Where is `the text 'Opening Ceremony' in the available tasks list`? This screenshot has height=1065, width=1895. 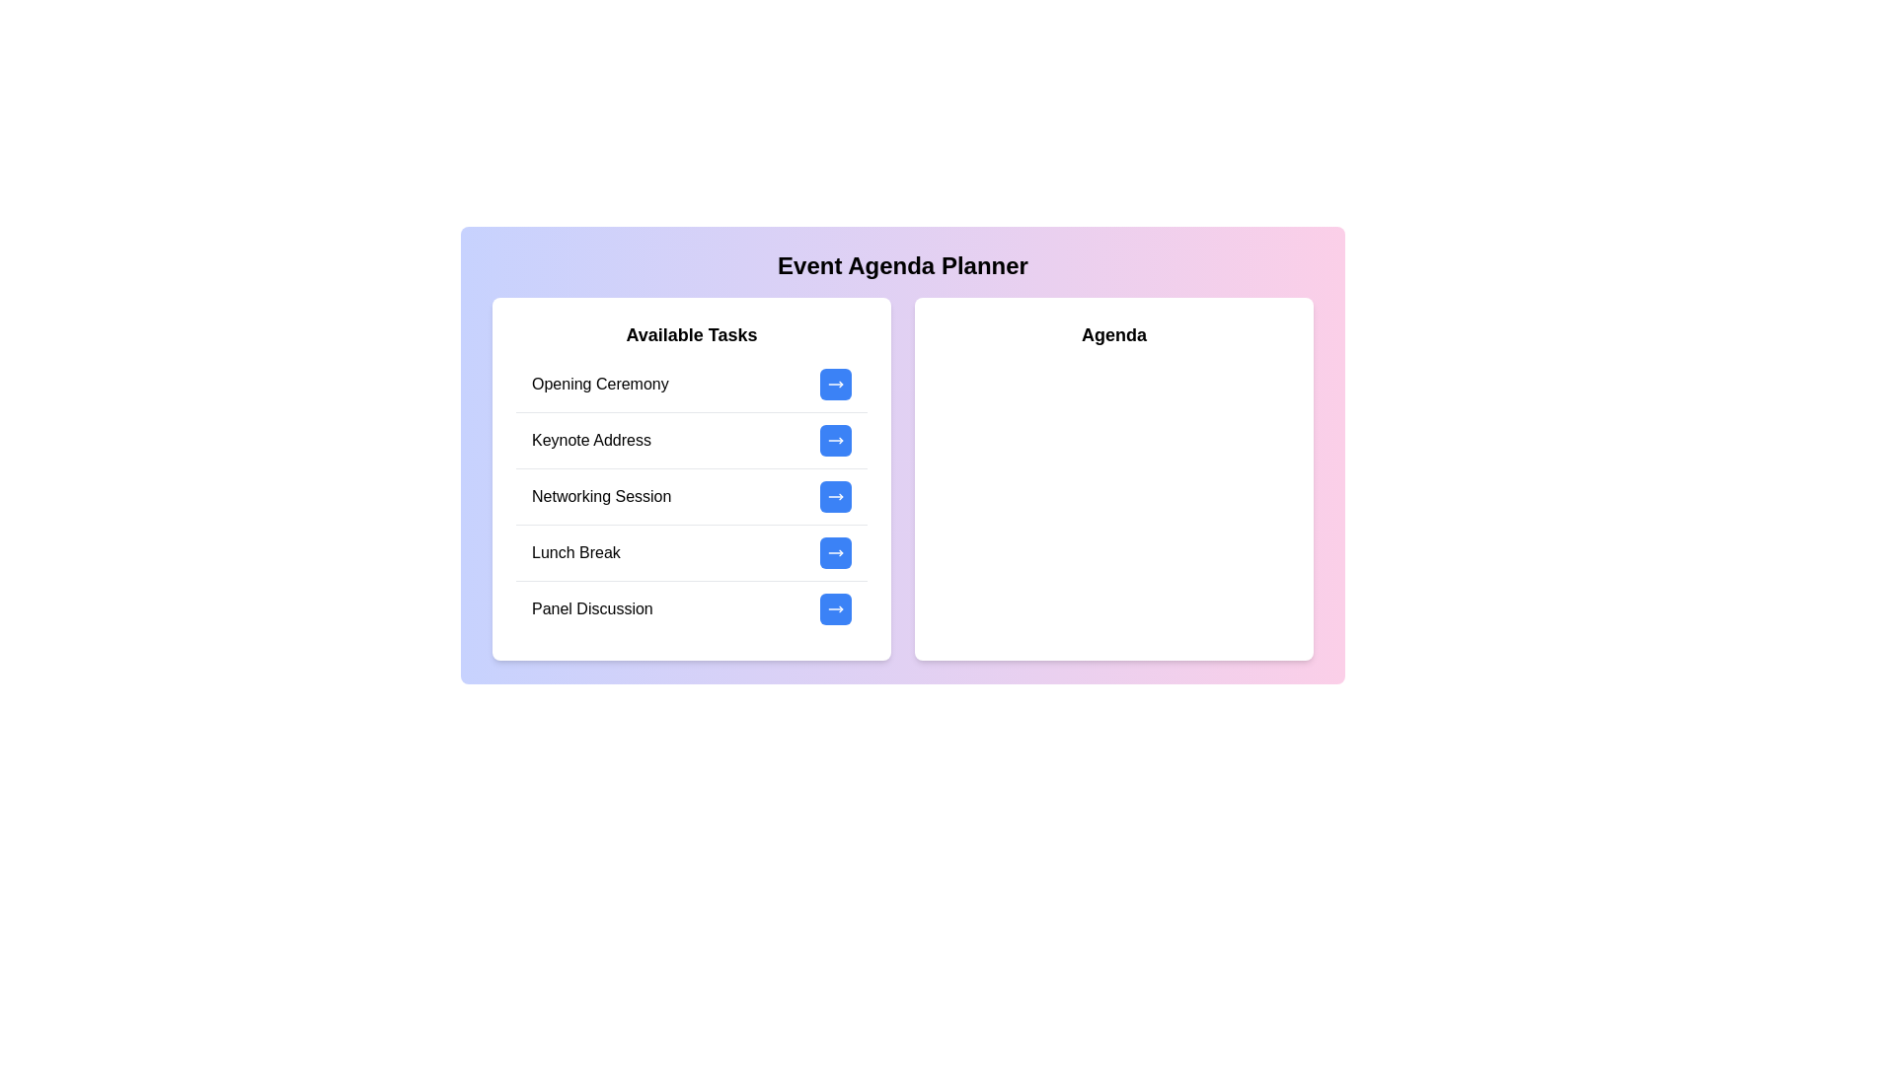 the text 'Opening Ceremony' in the available tasks list is located at coordinates (531, 373).